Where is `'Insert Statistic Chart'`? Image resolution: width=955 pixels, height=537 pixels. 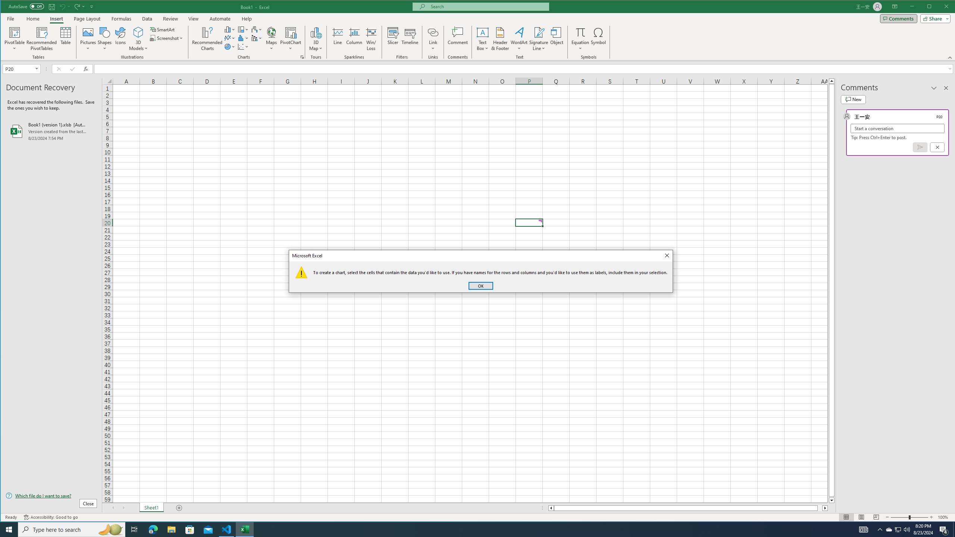
'Insert Statistic Chart' is located at coordinates (243, 38).